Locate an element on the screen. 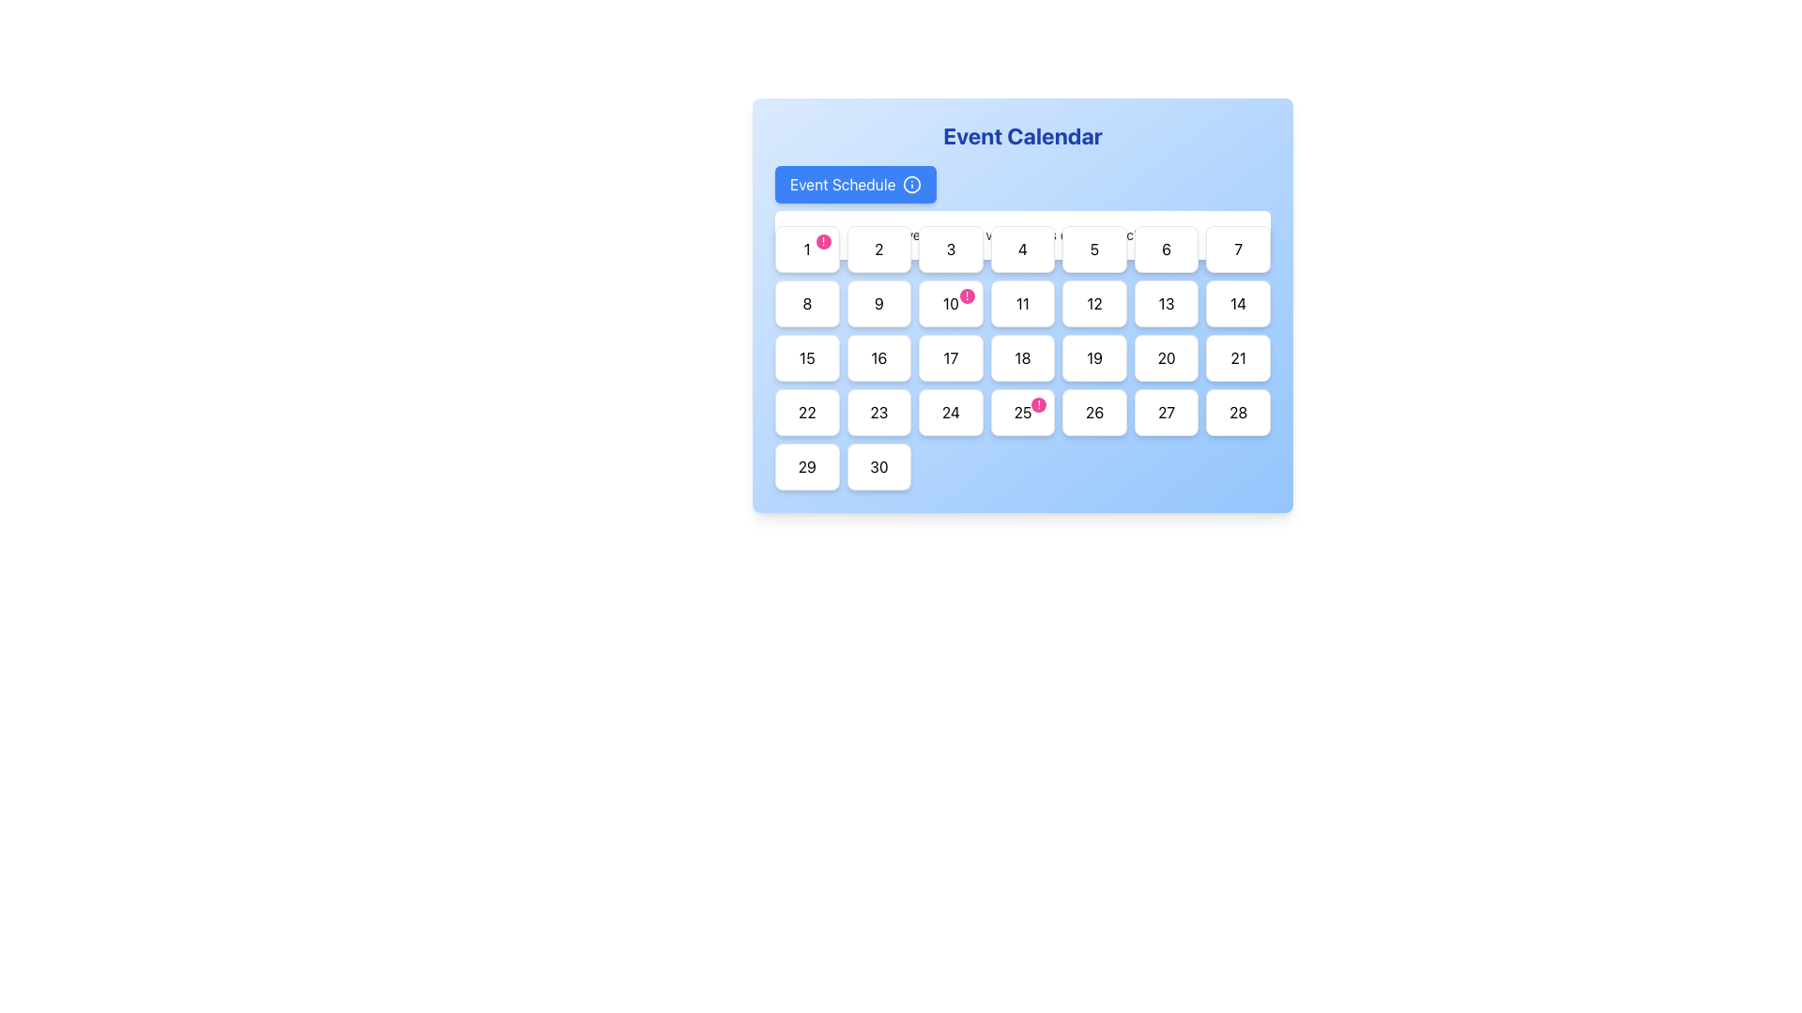 Image resolution: width=1802 pixels, height=1013 pixels. the button representing the second day in the calendar view is located at coordinates (878, 249).